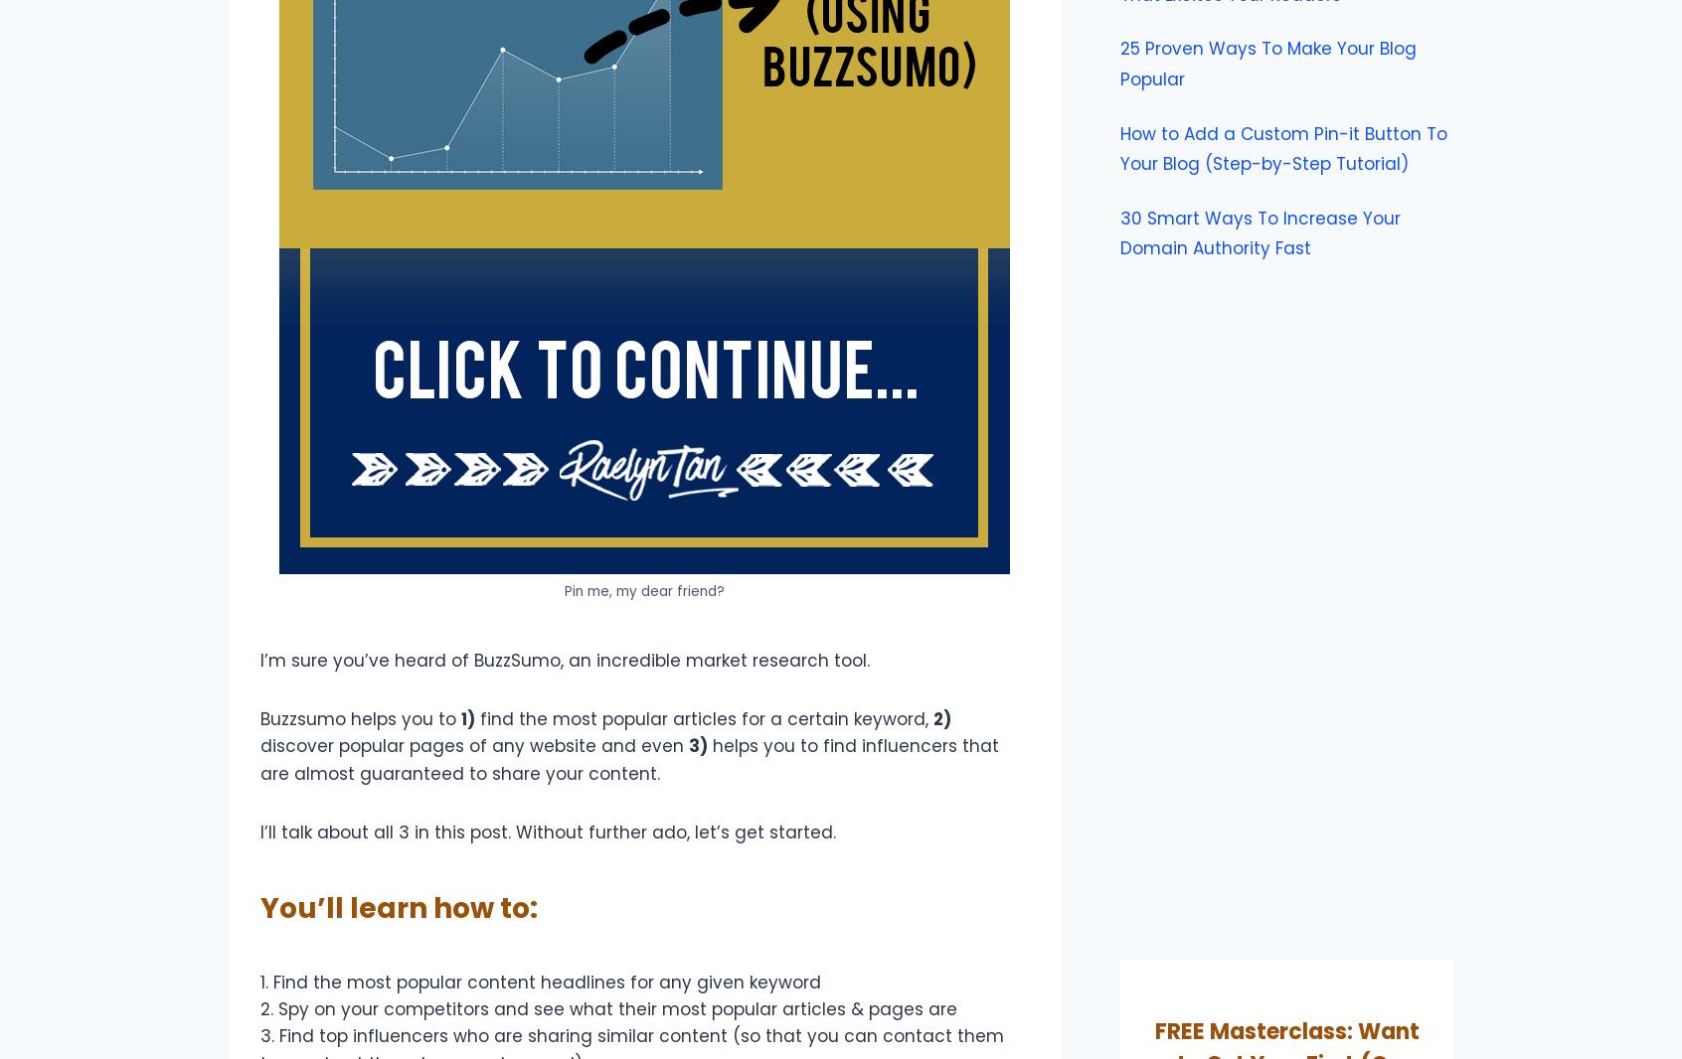 The image size is (1682, 1059). What do you see at coordinates (564, 659) in the screenshot?
I see `'I’m sure you’ve heard of BuzzSumo, an incredible market research tool.'` at bounding box center [564, 659].